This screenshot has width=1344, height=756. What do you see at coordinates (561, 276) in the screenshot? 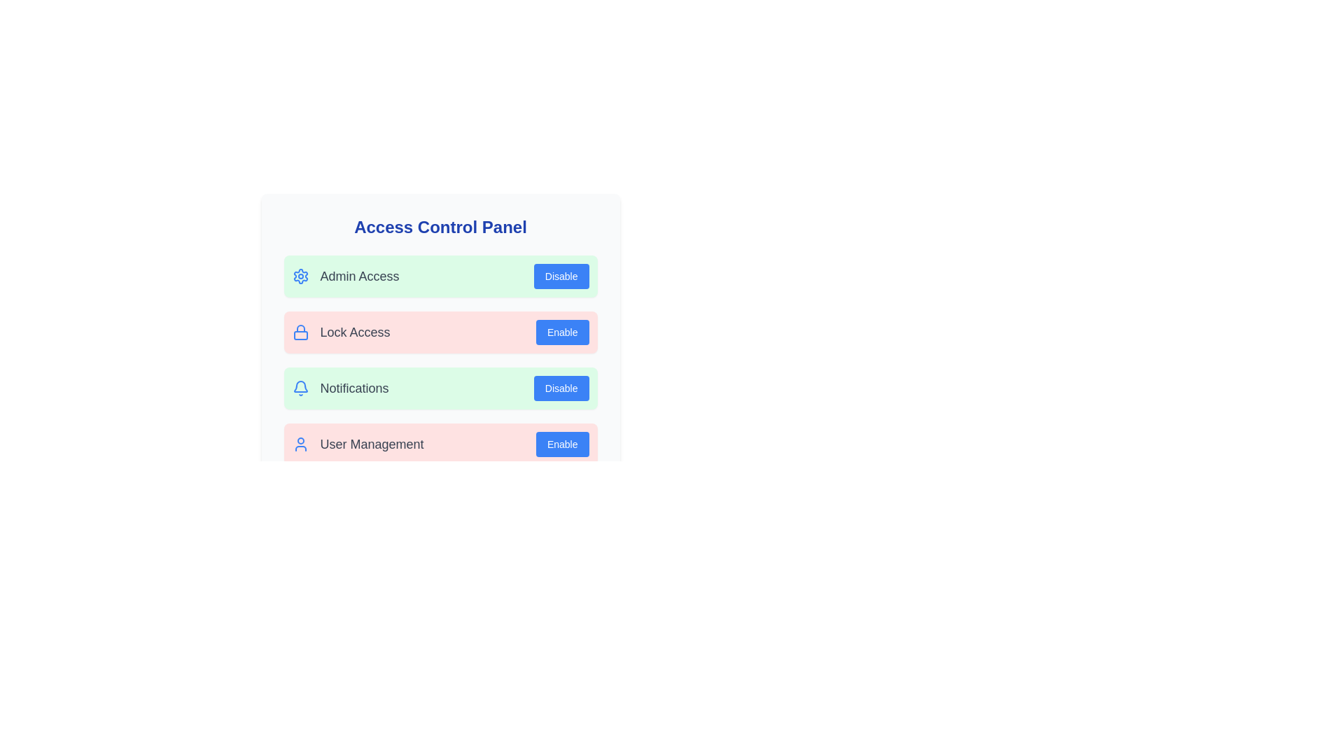
I see `the 'Disable' button for 'Admin Access' to toggle its access` at bounding box center [561, 276].